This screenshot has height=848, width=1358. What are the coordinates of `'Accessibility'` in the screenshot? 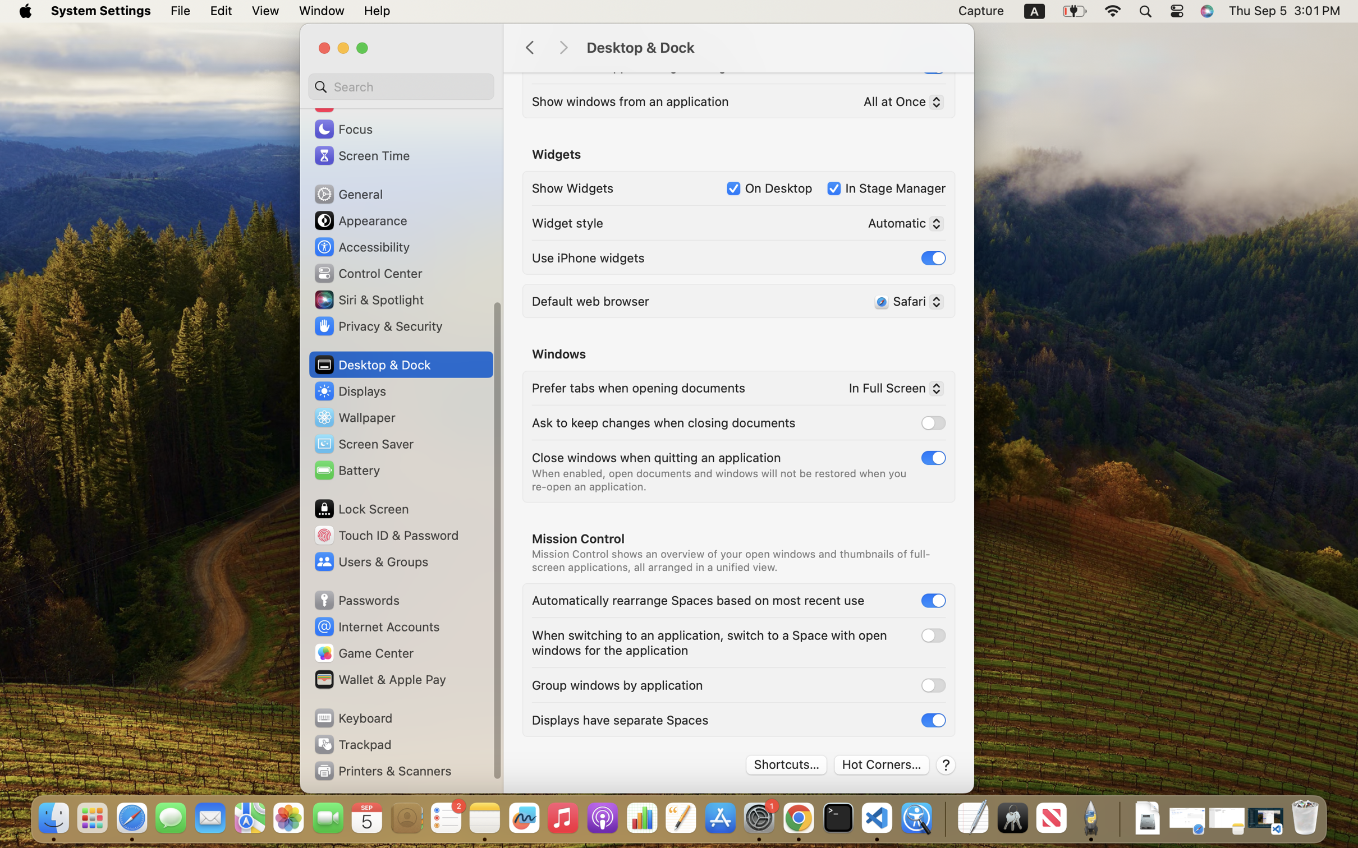 It's located at (361, 246).